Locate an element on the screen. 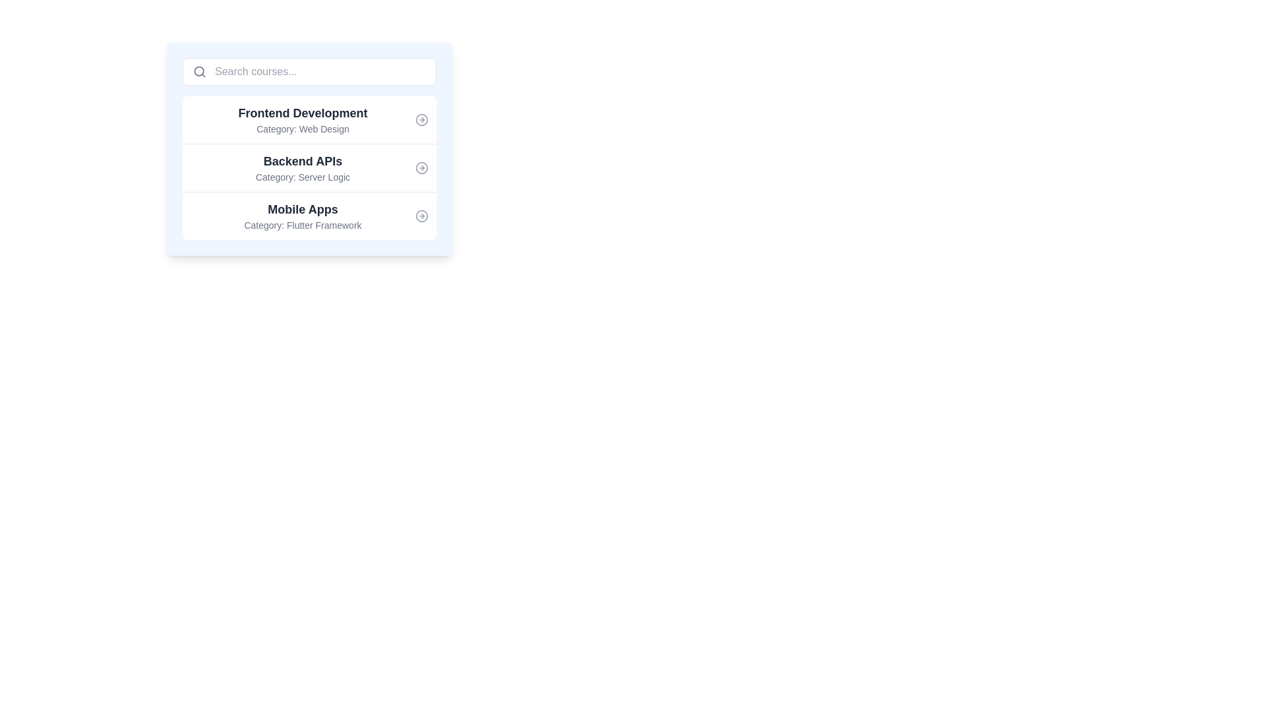 The width and height of the screenshot is (1266, 712). 'Frontend Development' text label which is prominently displayed in bold, dark gray font at the top of the list is located at coordinates (302, 113).